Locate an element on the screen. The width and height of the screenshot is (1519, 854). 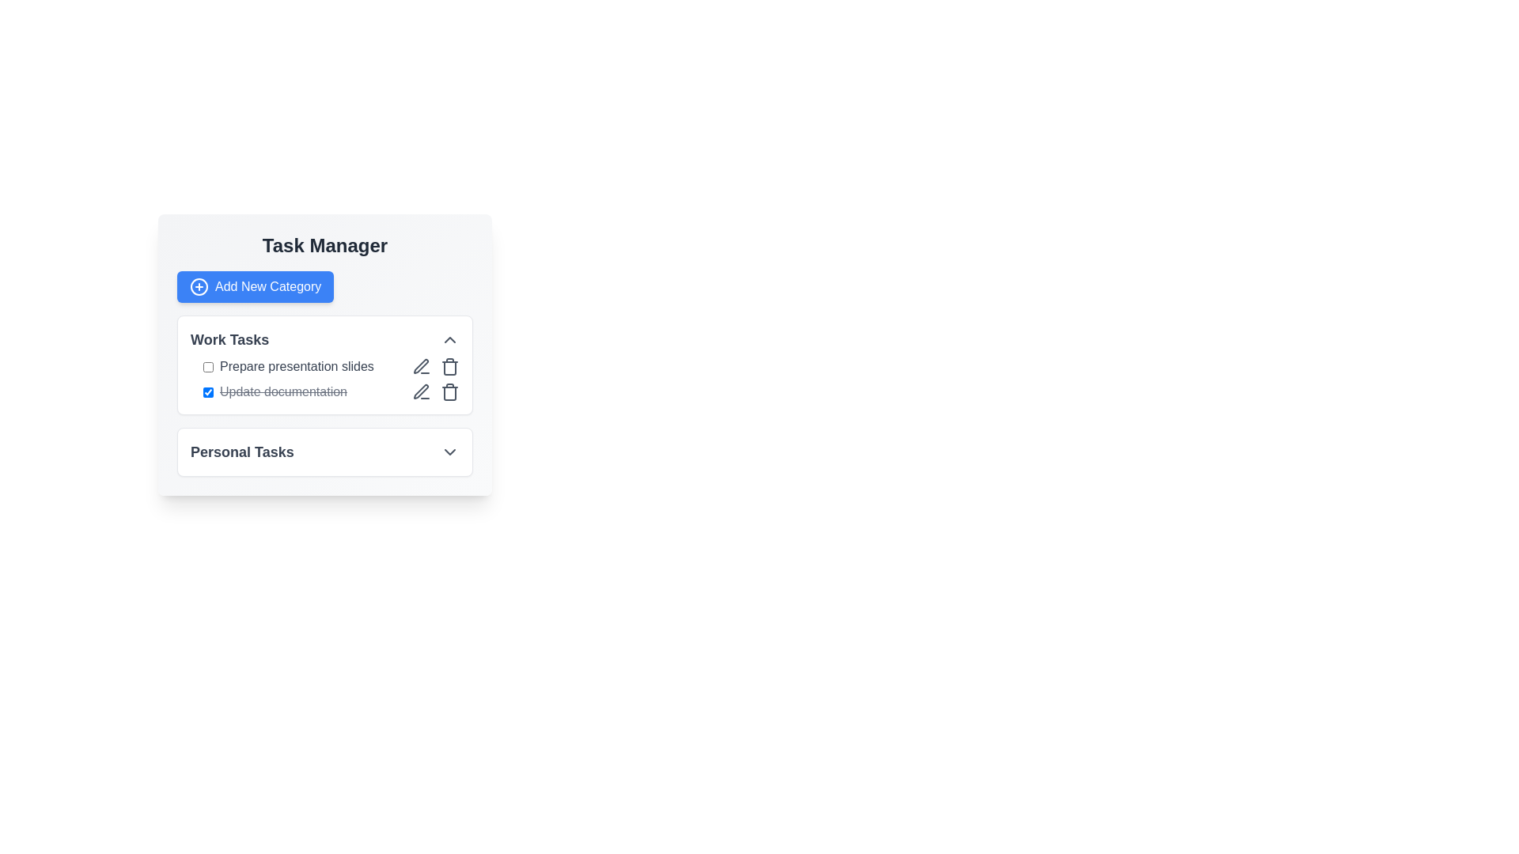
the trash icon within the delete button for the second task in the 'Work Tasks' list of the 'Task Manager' interface, which is located to the right of the task named 'Update documentation' is located at coordinates (449, 392).